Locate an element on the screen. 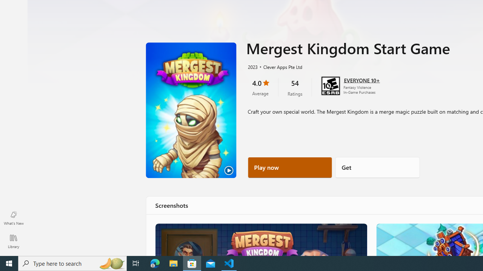 Image resolution: width=483 pixels, height=271 pixels. '4.0 stars. Click to skip to ratings and reviews' is located at coordinates (260, 87).